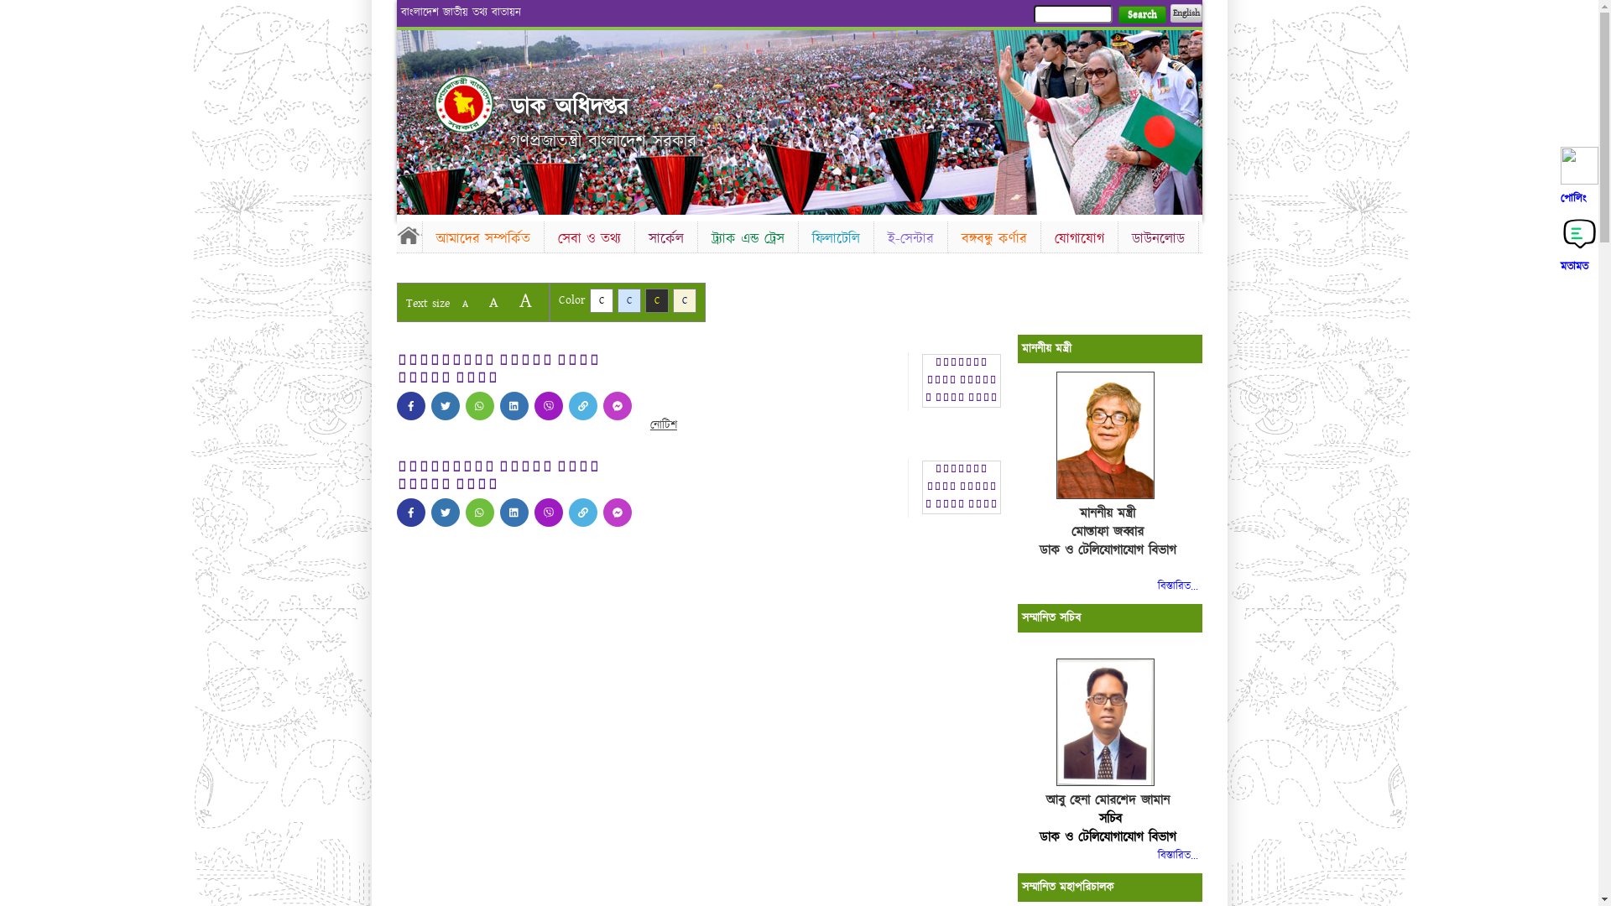 The image size is (1611, 906). What do you see at coordinates (628, 299) in the screenshot?
I see `'C'` at bounding box center [628, 299].